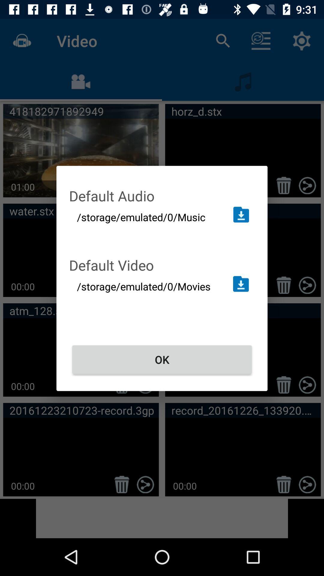  I want to click on open folder, so click(241, 283).